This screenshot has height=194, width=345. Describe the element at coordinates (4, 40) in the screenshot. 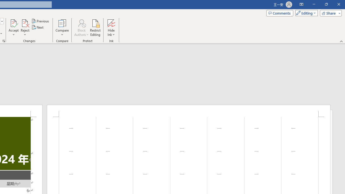

I see `'Change Tracking Options...'` at that location.